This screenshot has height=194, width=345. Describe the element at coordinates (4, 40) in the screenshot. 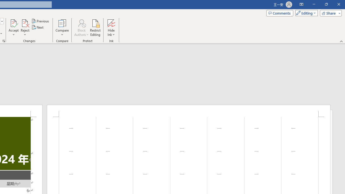

I see `'Change Tracking Options...'` at that location.